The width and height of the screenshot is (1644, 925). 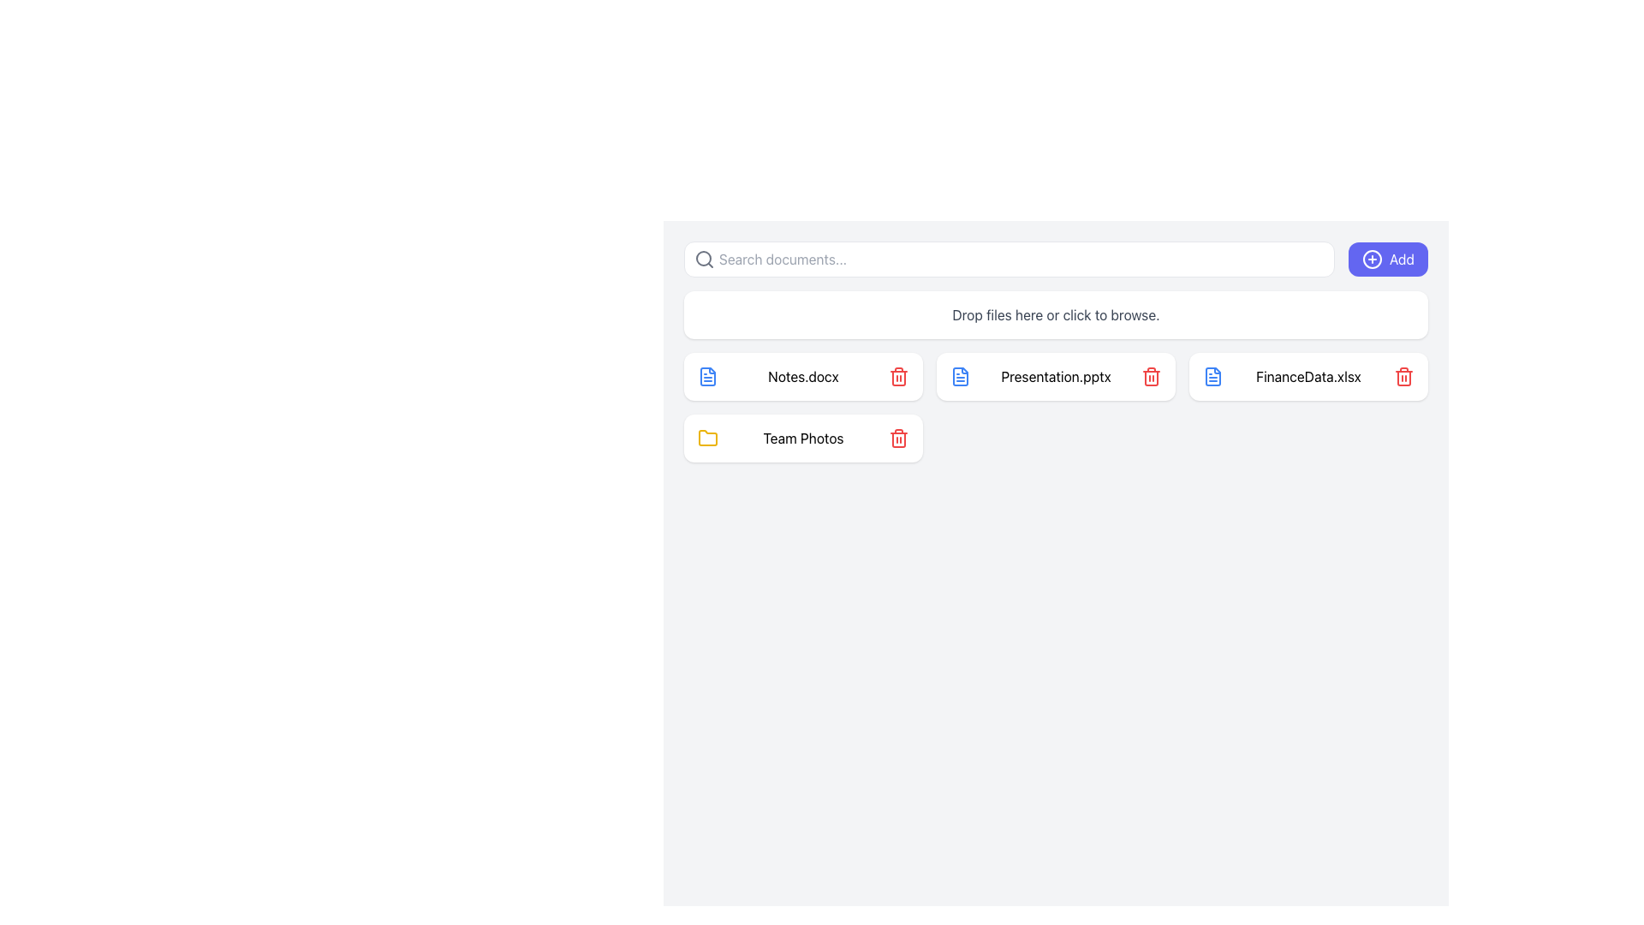 What do you see at coordinates (703, 258) in the screenshot?
I see `the circular shape within the SVG graphic that represents the center of the magnifying glass in the search bar icon` at bounding box center [703, 258].